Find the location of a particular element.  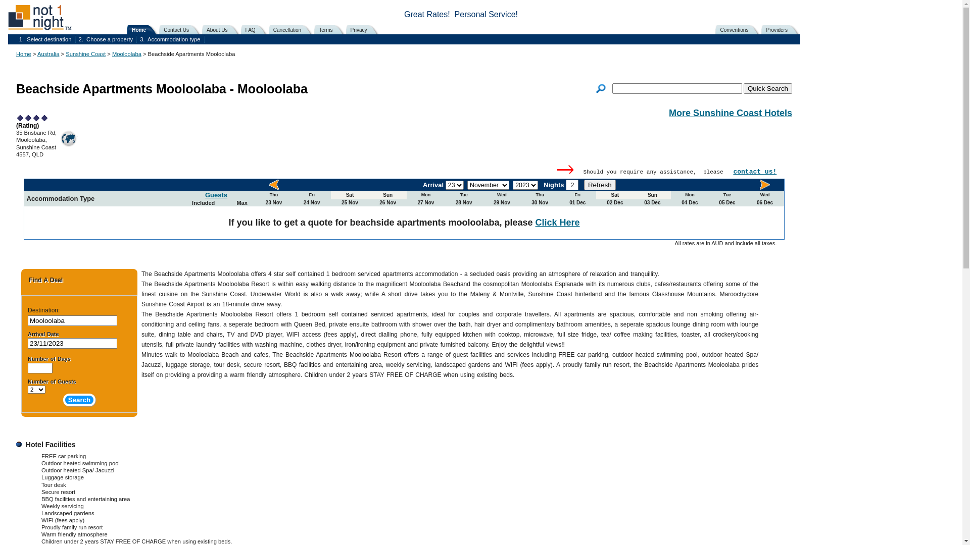

'Cancellation' is located at coordinates (292, 29).